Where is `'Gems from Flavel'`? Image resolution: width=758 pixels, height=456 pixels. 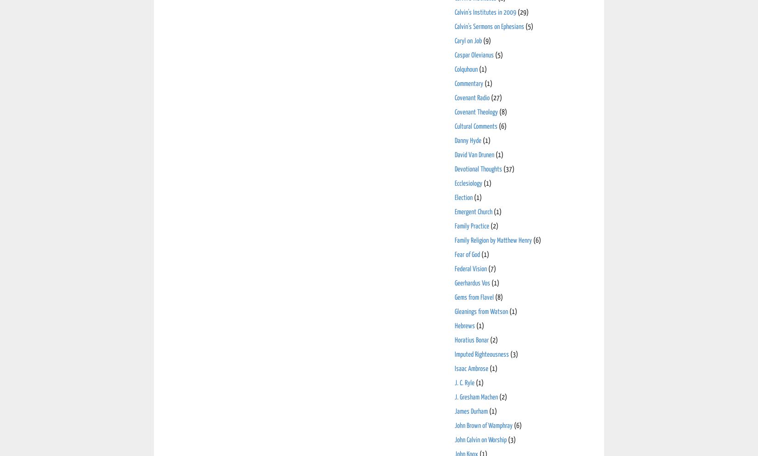
'Gems from Flavel' is located at coordinates (455, 297).